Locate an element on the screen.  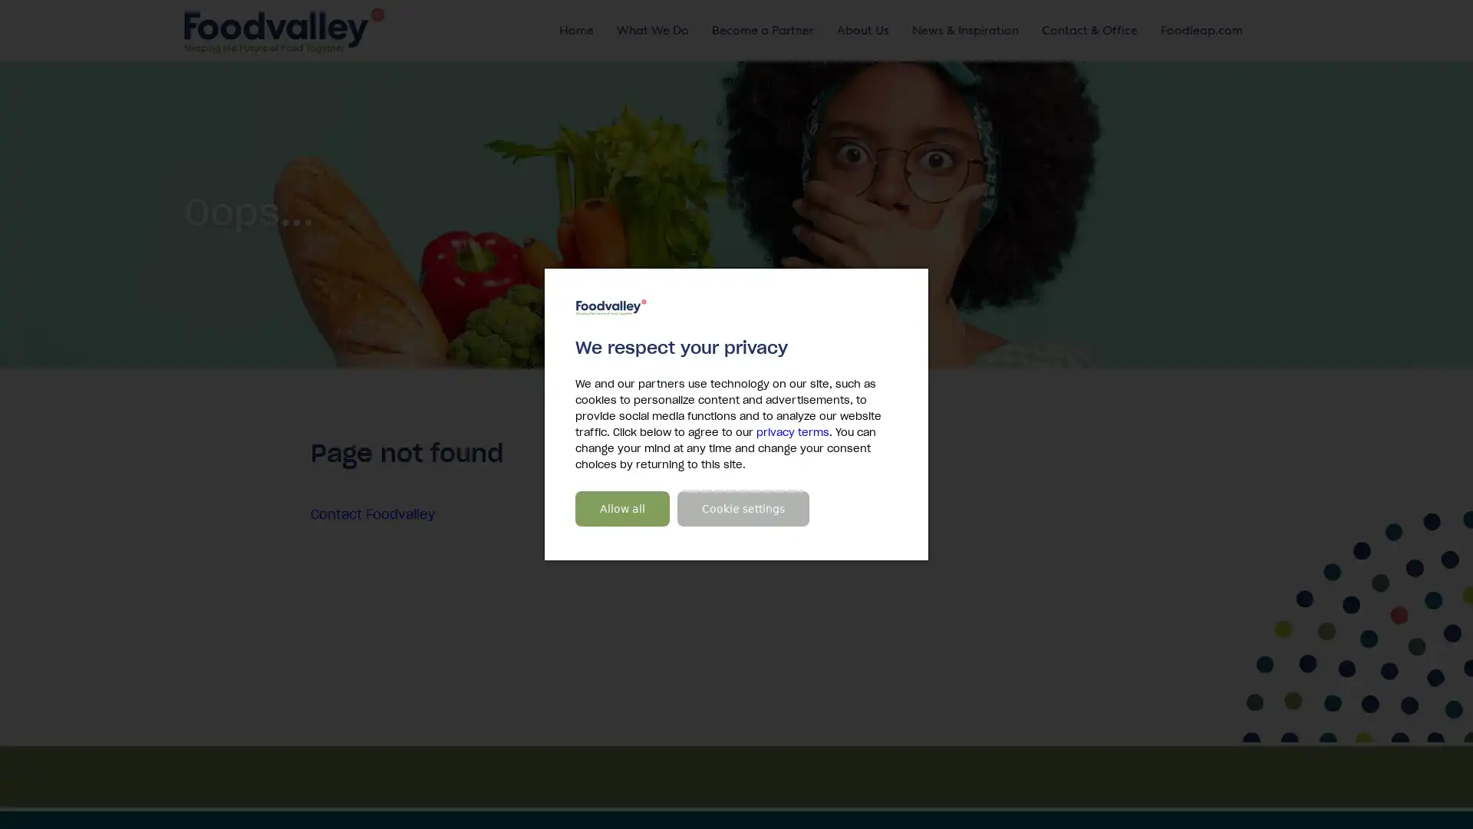
Allow all is located at coordinates (622, 509).